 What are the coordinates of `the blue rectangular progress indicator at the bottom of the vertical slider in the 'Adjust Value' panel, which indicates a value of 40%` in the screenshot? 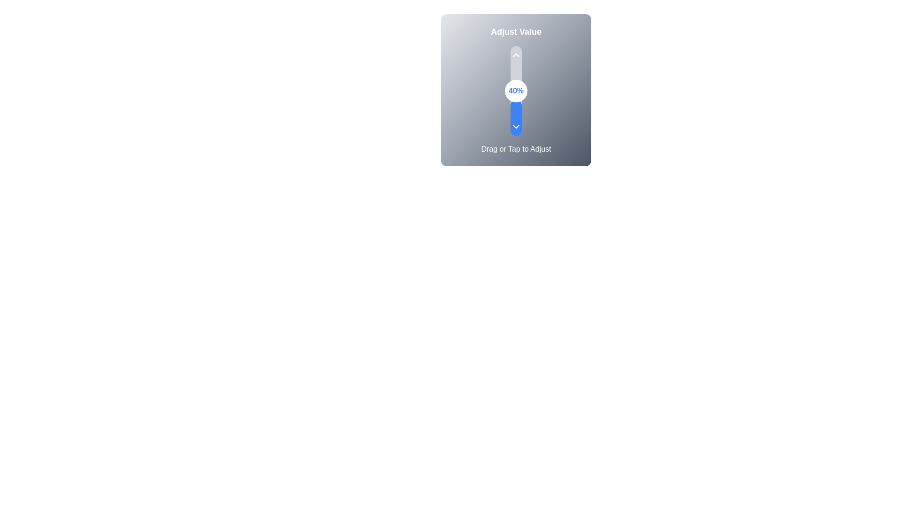 It's located at (515, 117).